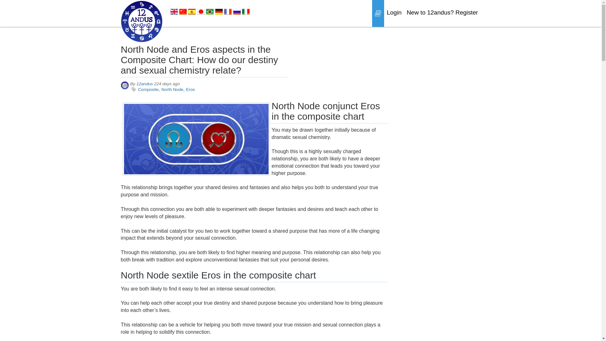  I want to click on 'Composite', so click(138, 89).